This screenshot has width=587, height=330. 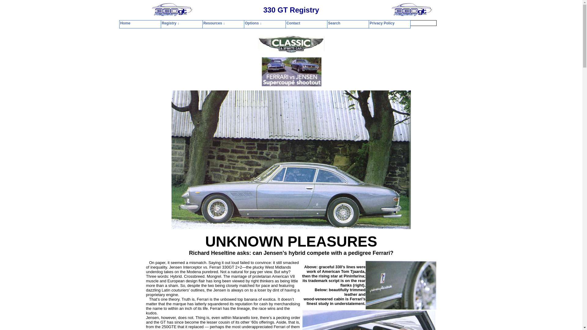 I want to click on 'Resources', so click(x=267, y=23).